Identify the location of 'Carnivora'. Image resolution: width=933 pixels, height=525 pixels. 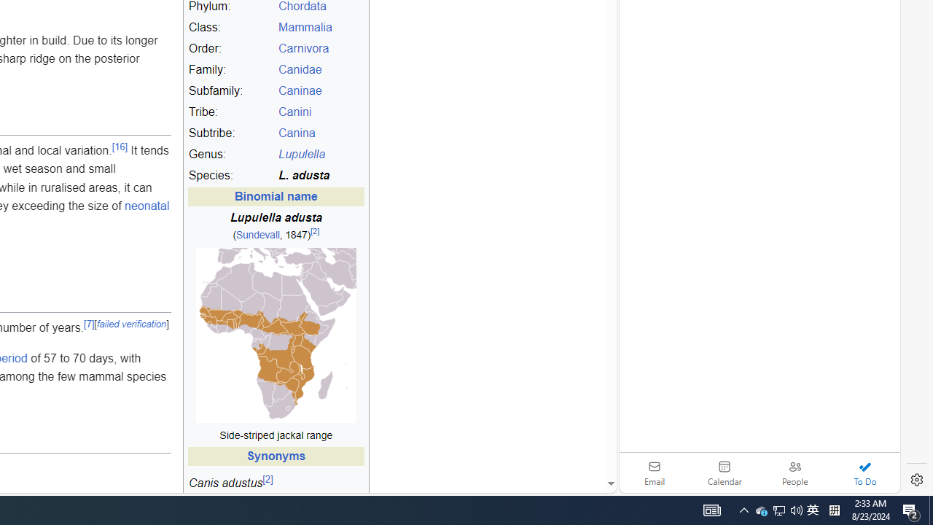
(320, 48).